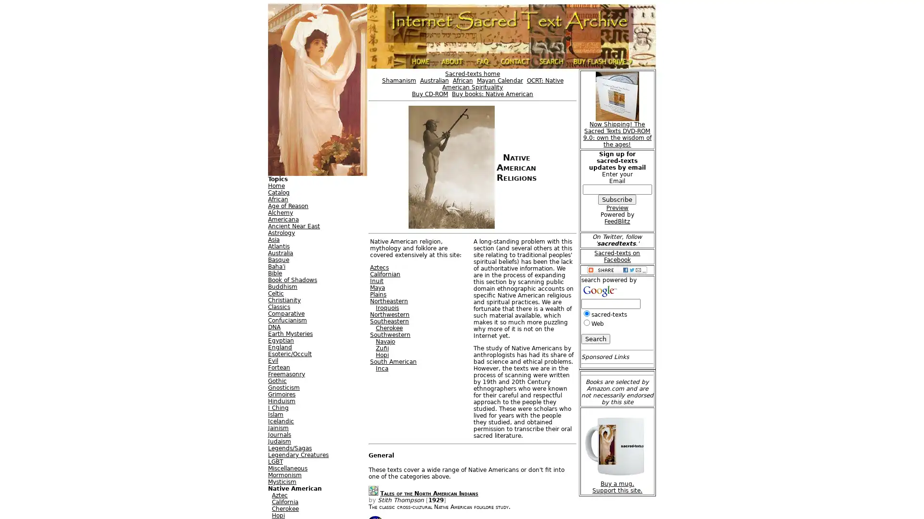 Image resolution: width=924 pixels, height=519 pixels. What do you see at coordinates (595, 338) in the screenshot?
I see `Search` at bounding box center [595, 338].